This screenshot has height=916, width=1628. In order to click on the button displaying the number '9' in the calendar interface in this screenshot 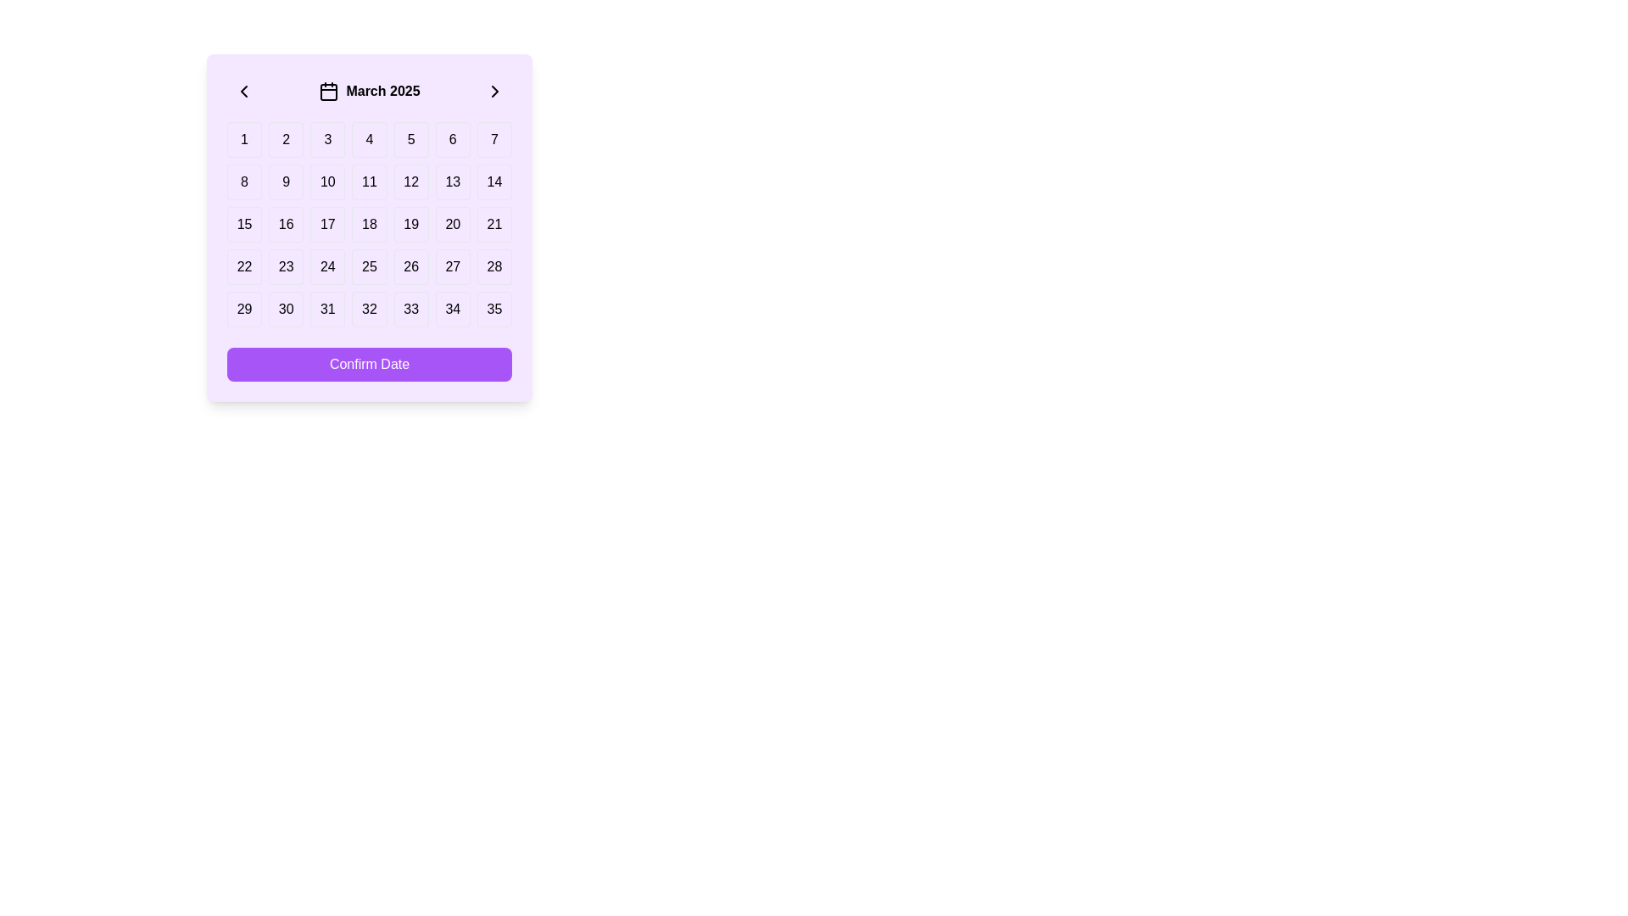, I will do `click(286, 182)`.